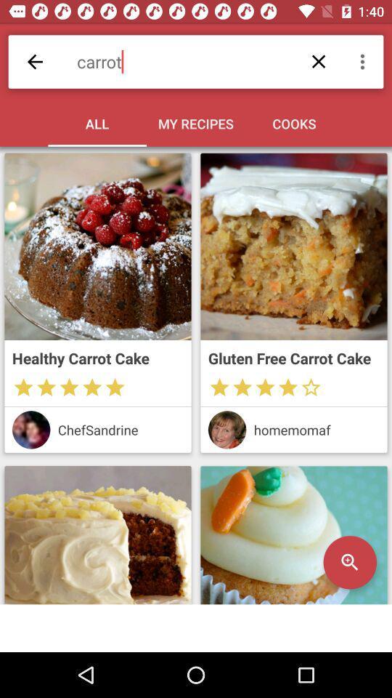  What do you see at coordinates (294, 246) in the screenshot?
I see `open carrot cake recipe` at bounding box center [294, 246].